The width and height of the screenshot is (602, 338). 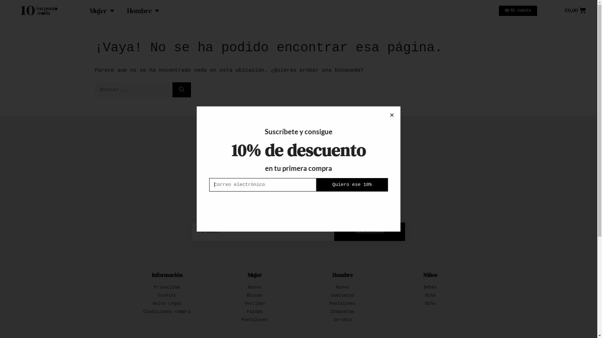 I want to click on 'Mujer', so click(x=102, y=11).